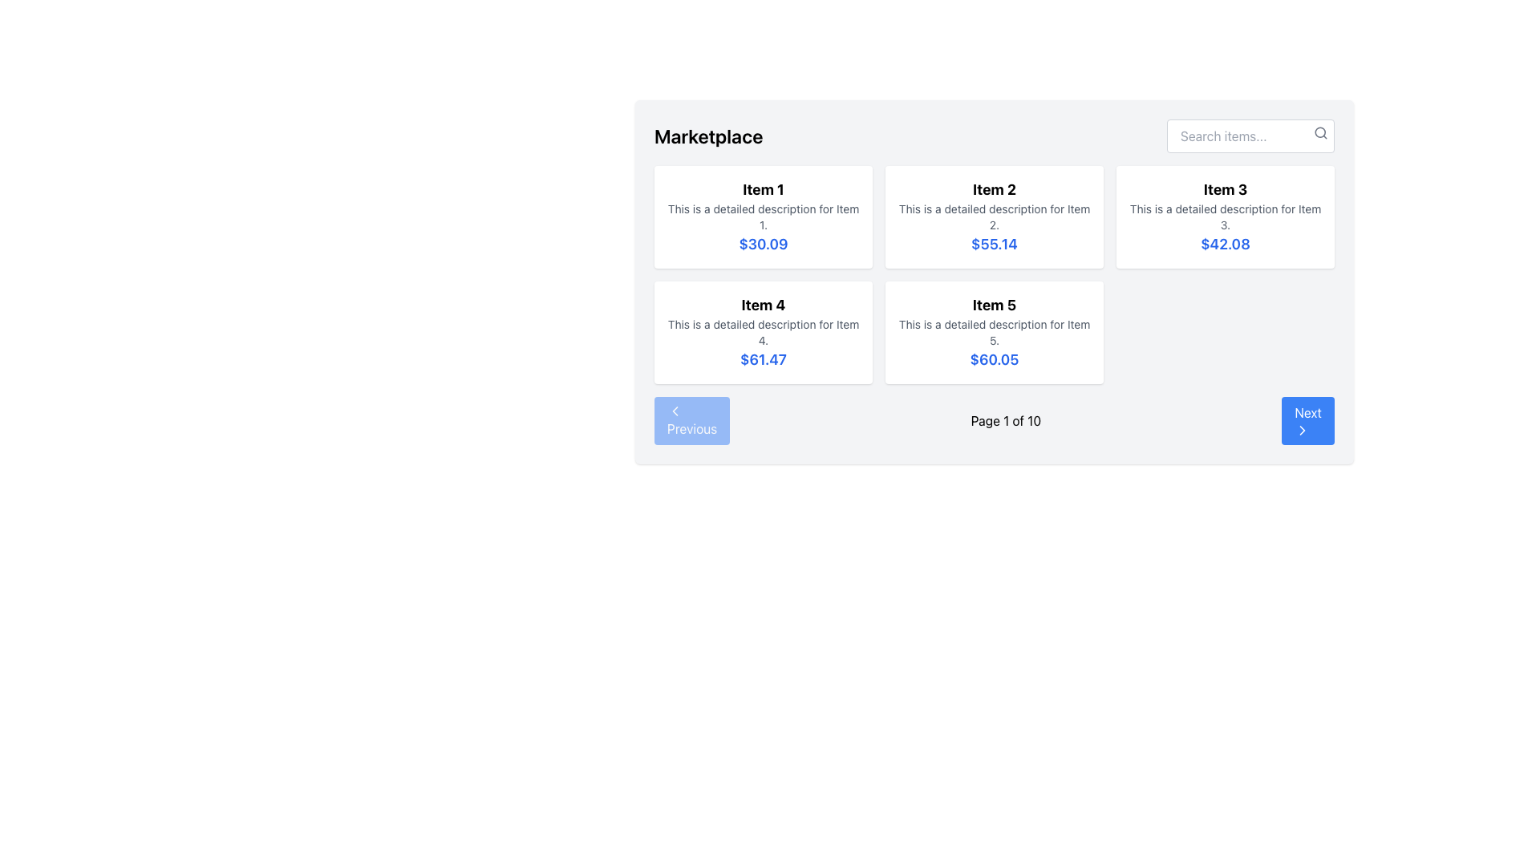 The width and height of the screenshot is (1540, 866). I want to click on the product listing card for 'Item 5' located in the bottom-right corner of the grid layout, so click(993, 332).